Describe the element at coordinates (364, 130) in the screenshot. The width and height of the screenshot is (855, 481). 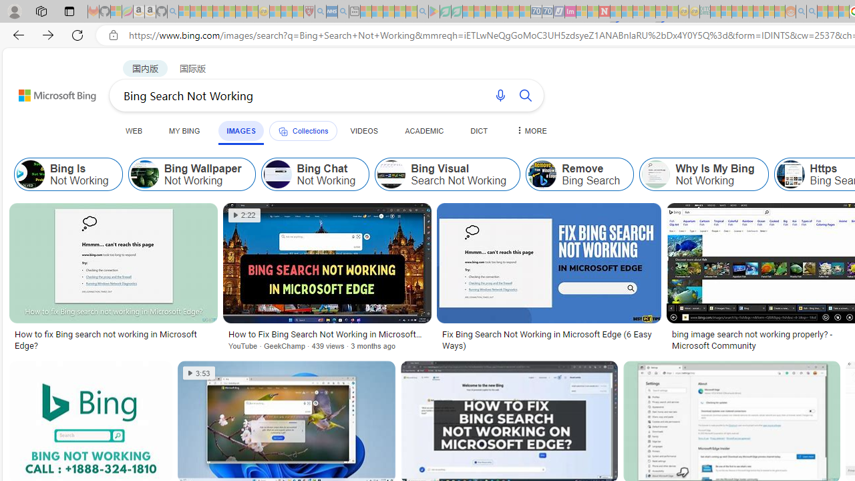
I see `'VIDEOS'` at that location.